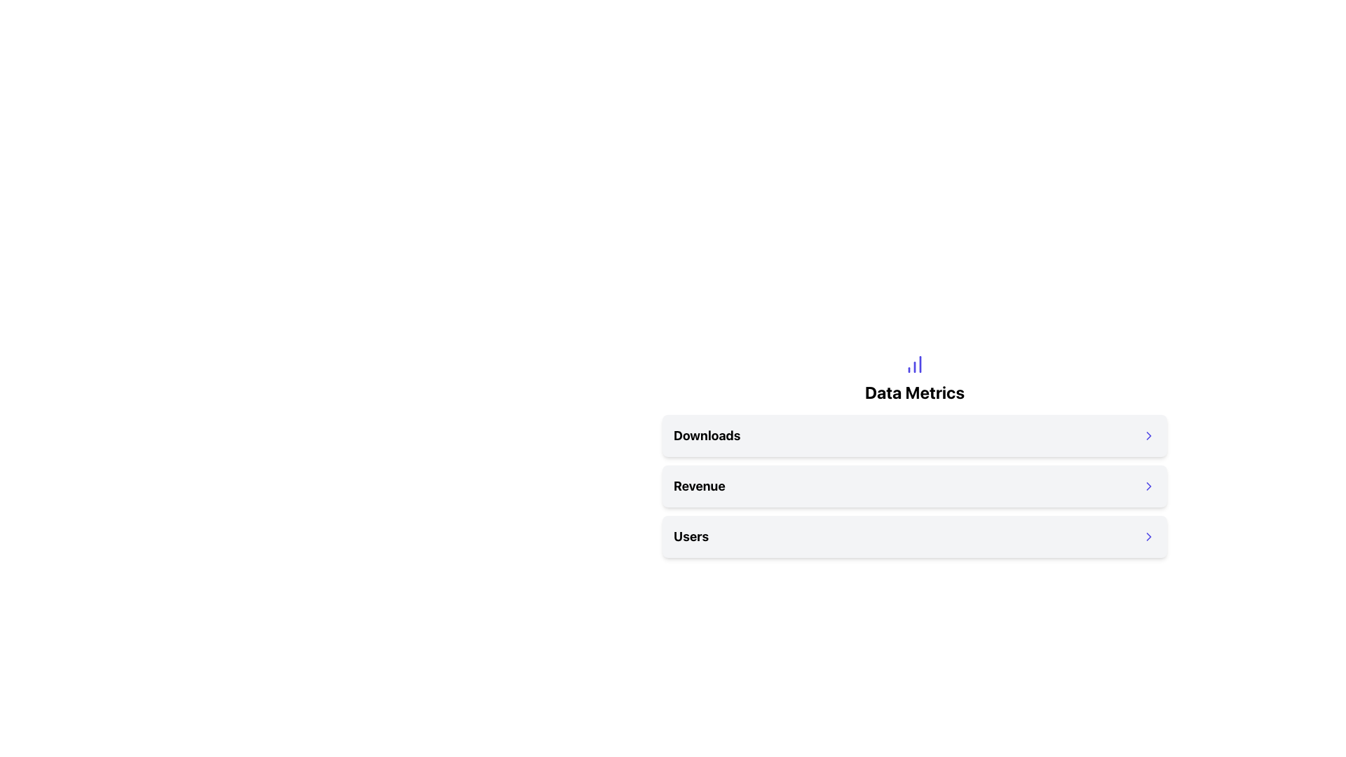  I want to click on the 'Revenue' button located on the second card in the 'Data Metrics' section, so click(915, 486).